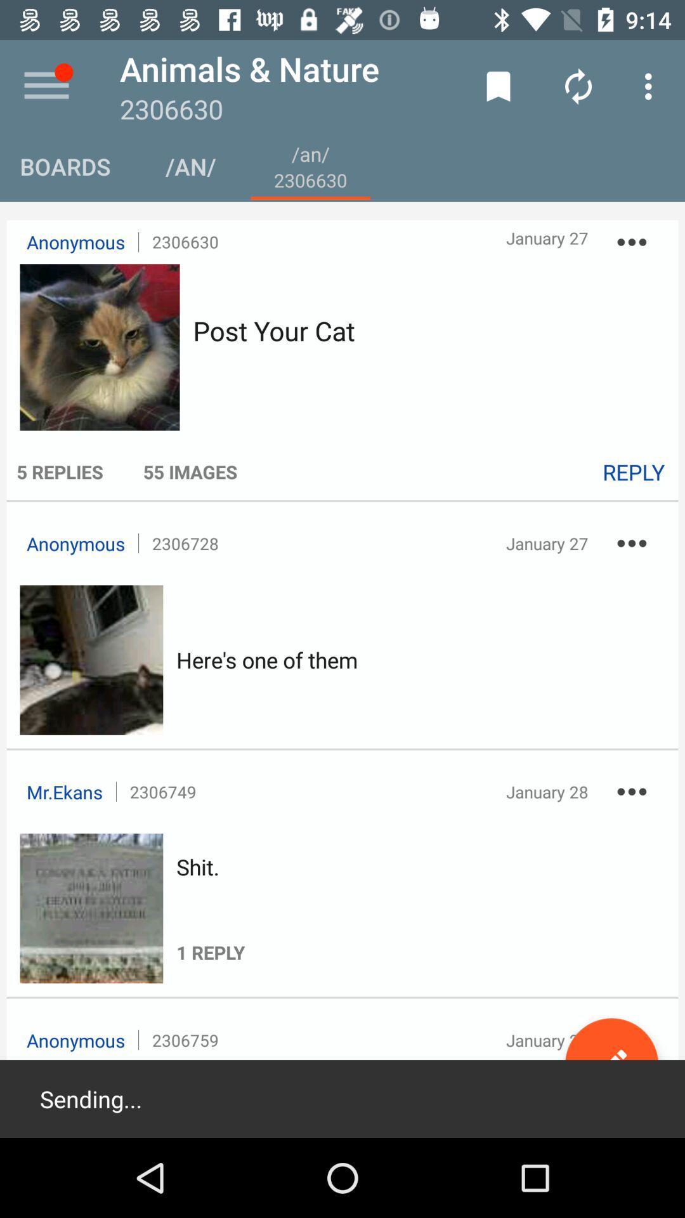 This screenshot has height=1218, width=685. Describe the element at coordinates (631, 543) in the screenshot. I see `icon below reply item` at that location.